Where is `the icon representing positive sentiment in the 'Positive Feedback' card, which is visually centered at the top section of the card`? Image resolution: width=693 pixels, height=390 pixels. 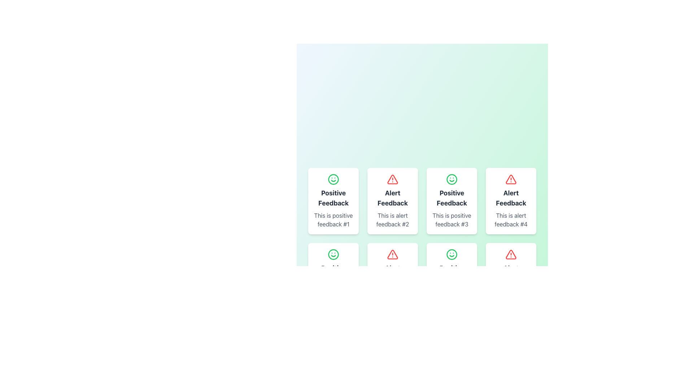 the icon representing positive sentiment in the 'Positive Feedback' card, which is visually centered at the top section of the card is located at coordinates (333, 179).